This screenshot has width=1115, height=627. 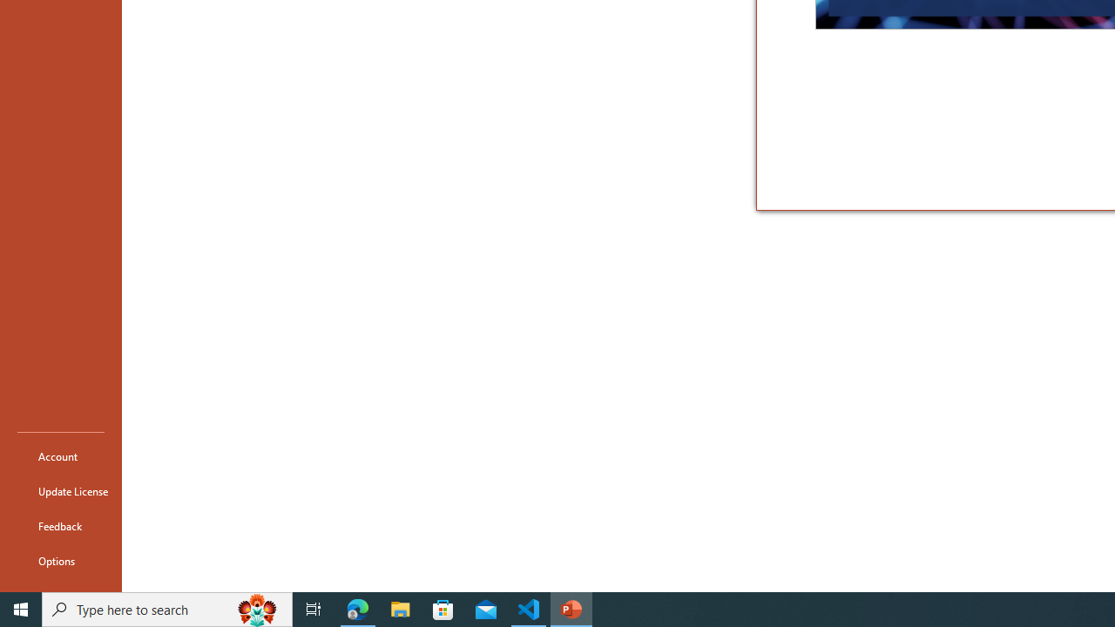 What do you see at coordinates (60, 455) in the screenshot?
I see `'Account'` at bounding box center [60, 455].